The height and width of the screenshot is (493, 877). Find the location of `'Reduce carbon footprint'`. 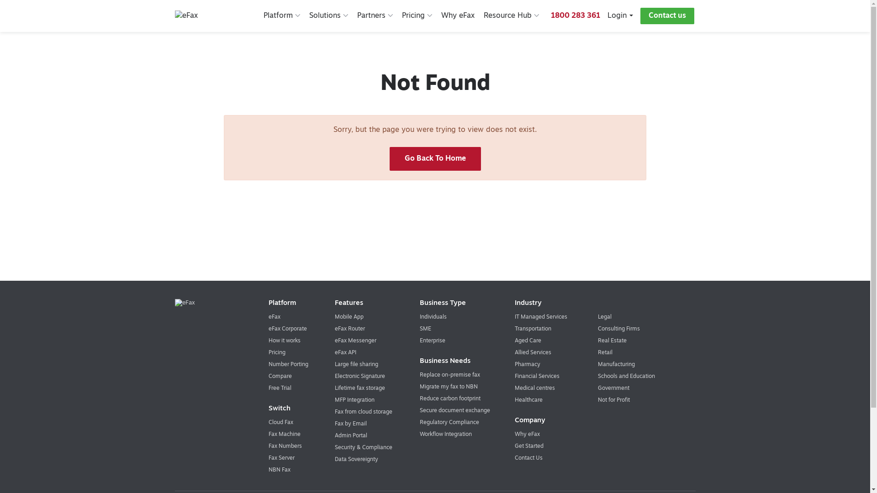

'Reduce carbon footprint' is located at coordinates (450, 399).